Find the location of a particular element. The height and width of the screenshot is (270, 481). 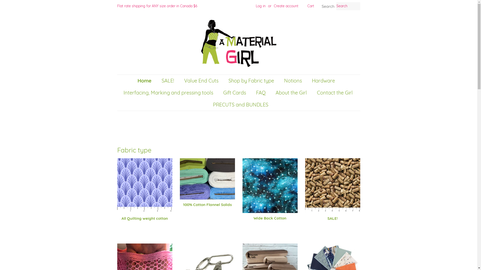

'Wide Back Cotton' is located at coordinates (270, 193).